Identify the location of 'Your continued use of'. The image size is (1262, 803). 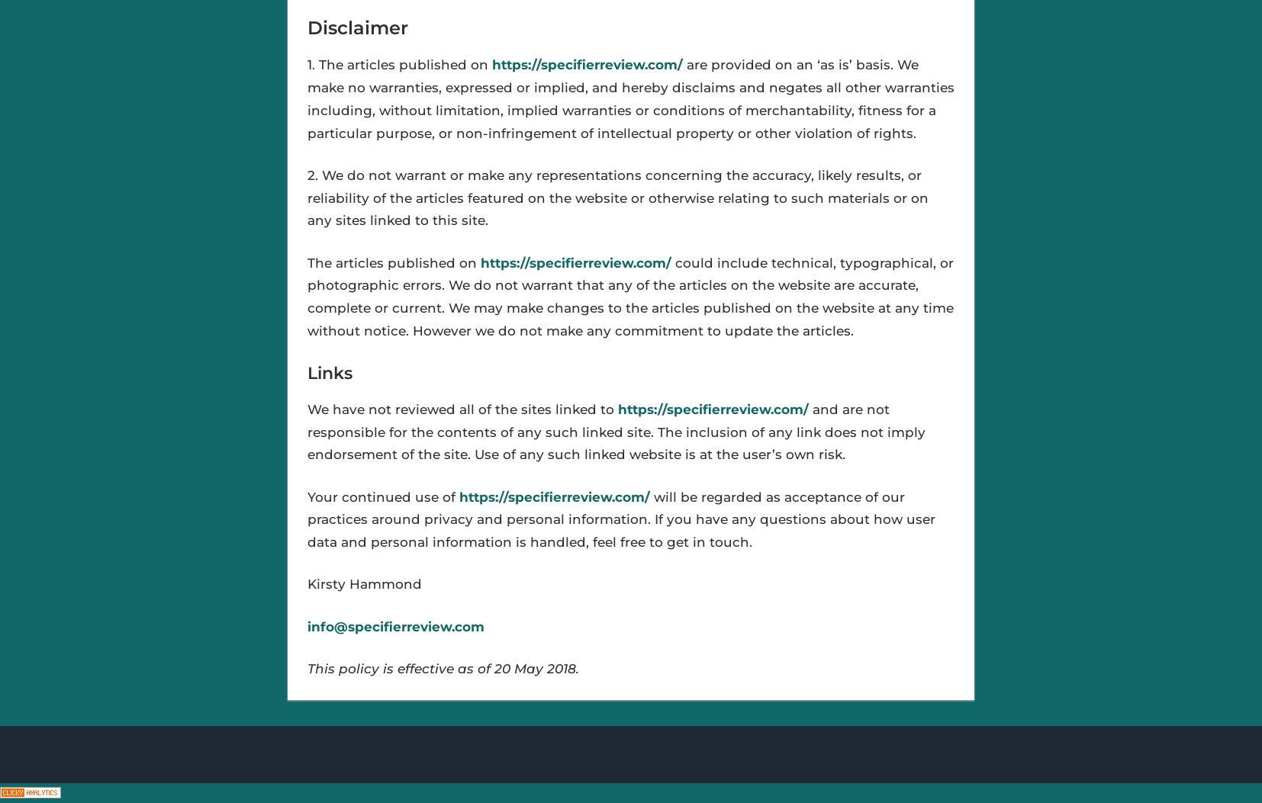
(305, 495).